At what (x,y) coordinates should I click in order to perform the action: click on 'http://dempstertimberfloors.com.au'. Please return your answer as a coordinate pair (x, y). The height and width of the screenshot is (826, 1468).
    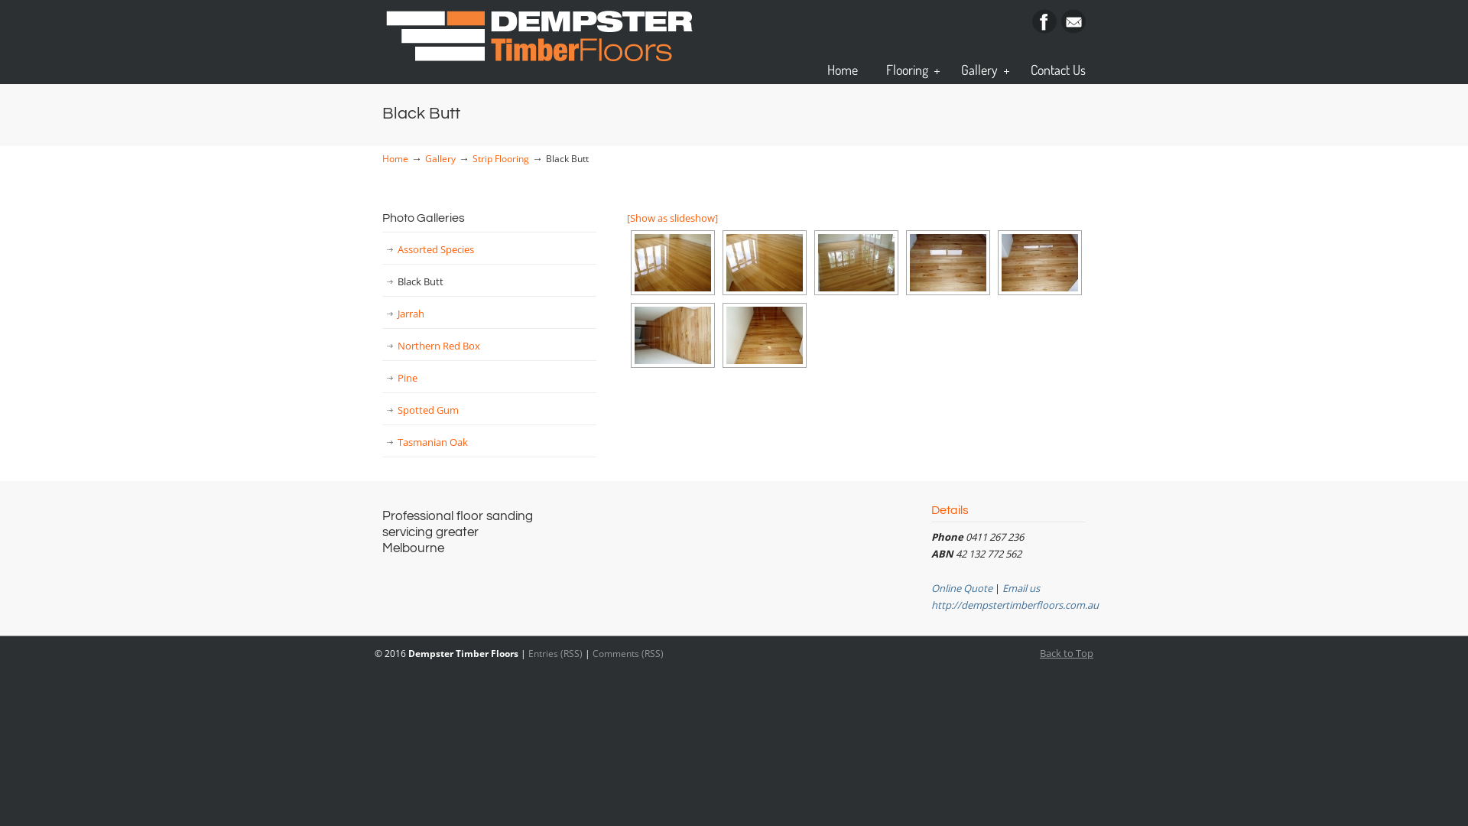
    Looking at the image, I should click on (1015, 603).